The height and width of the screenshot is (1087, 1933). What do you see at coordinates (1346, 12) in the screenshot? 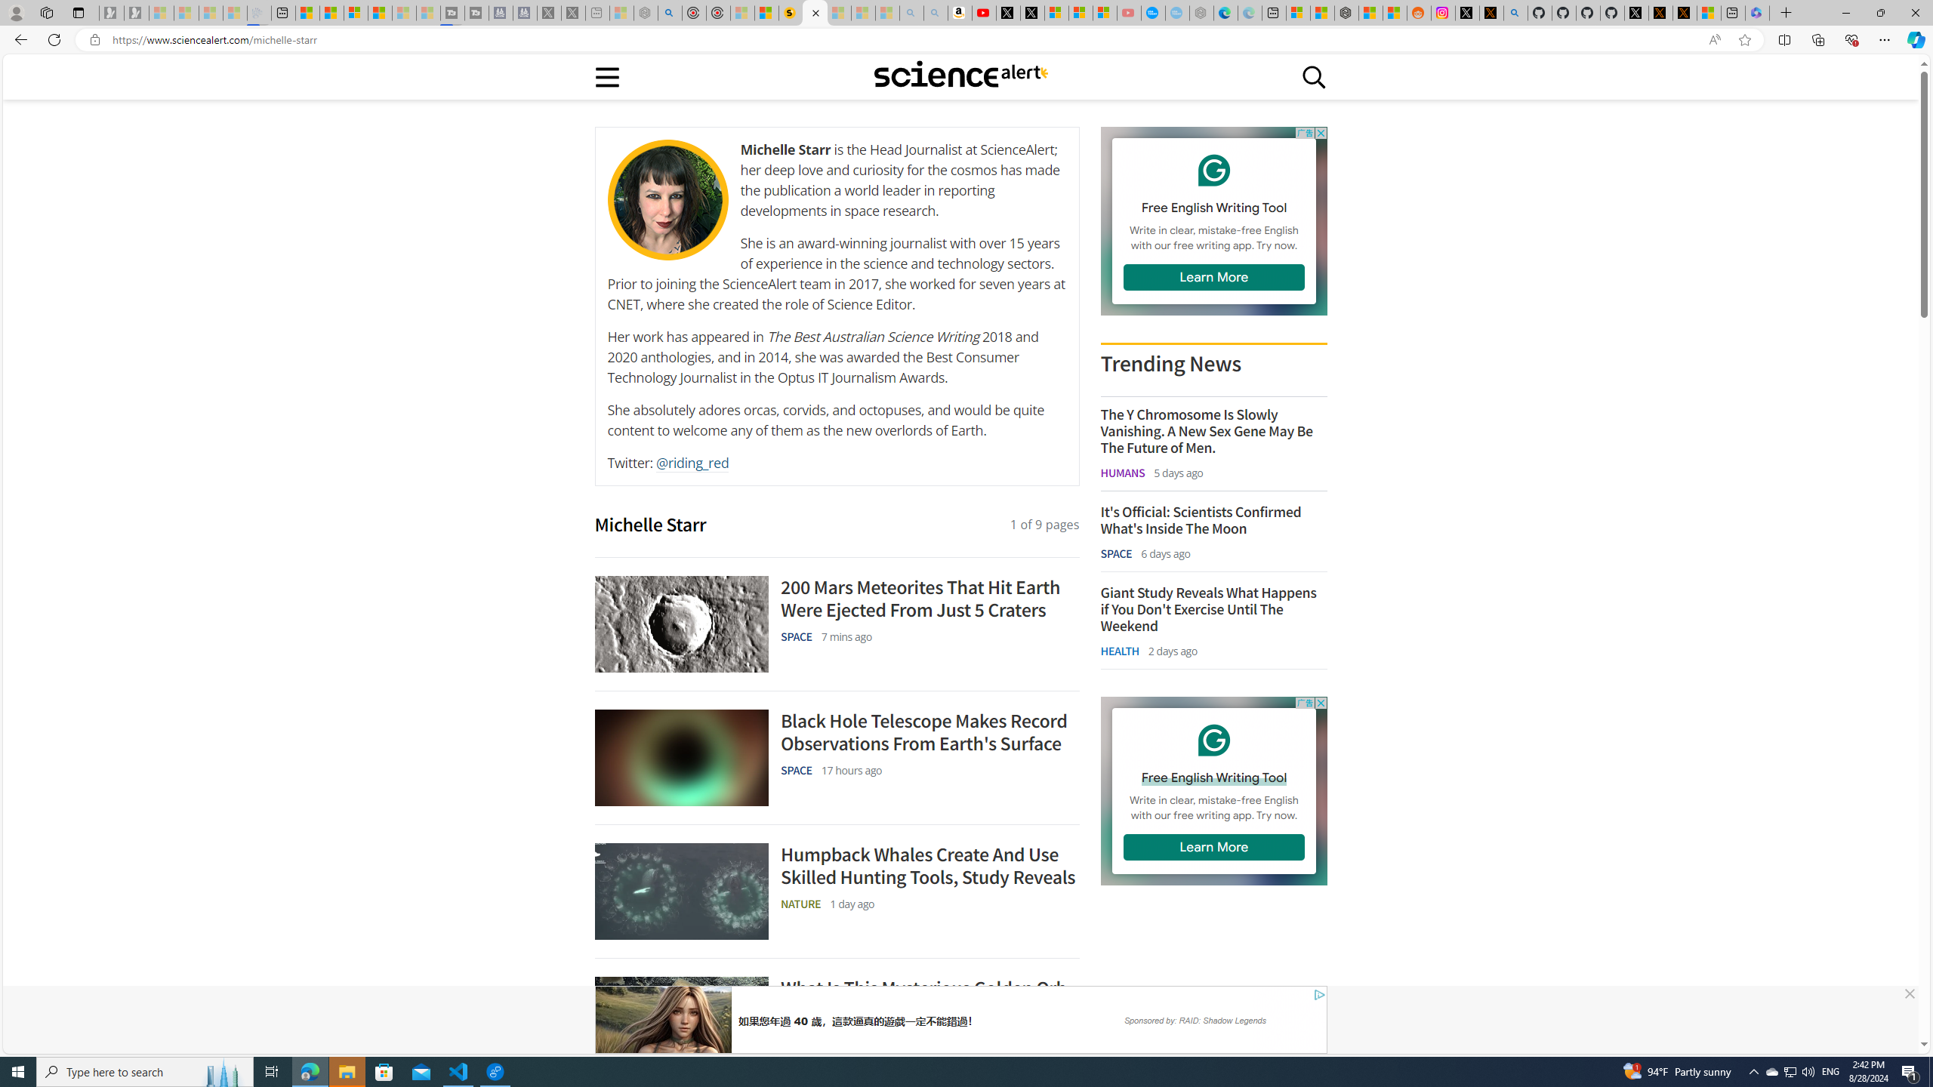
I see `'Nordace - Duffels'` at bounding box center [1346, 12].